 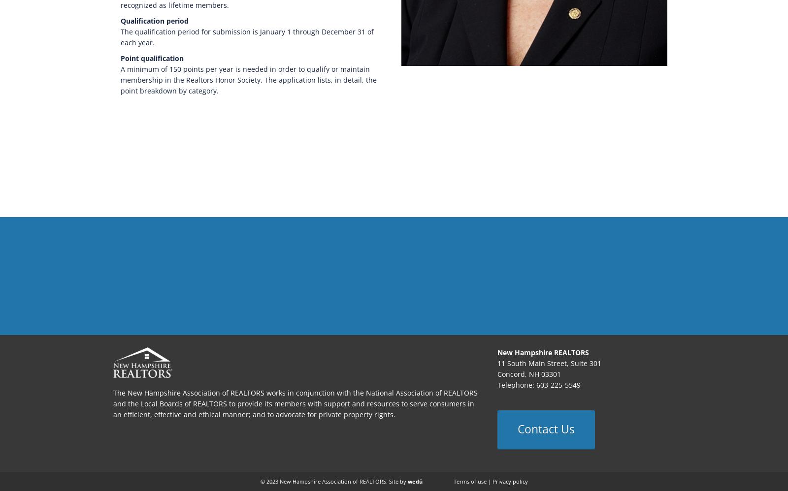 What do you see at coordinates (394, 269) in the screenshot?
I see `'"Amidst the sea of change to which the New Hampshire Association of REALTORS has played witness in its 85 years, one thing that has remained constant is the Realtor 'R' and the value we bring to every real estate transaction in which we take part. We are part of a unique community where our familial cooperation transcends our business competition. These are not mere platitudes, but our living ideals, and they are, in fact, the foundation on which we conduct ourselves in our day-to-day affairs."'` at bounding box center [394, 269].